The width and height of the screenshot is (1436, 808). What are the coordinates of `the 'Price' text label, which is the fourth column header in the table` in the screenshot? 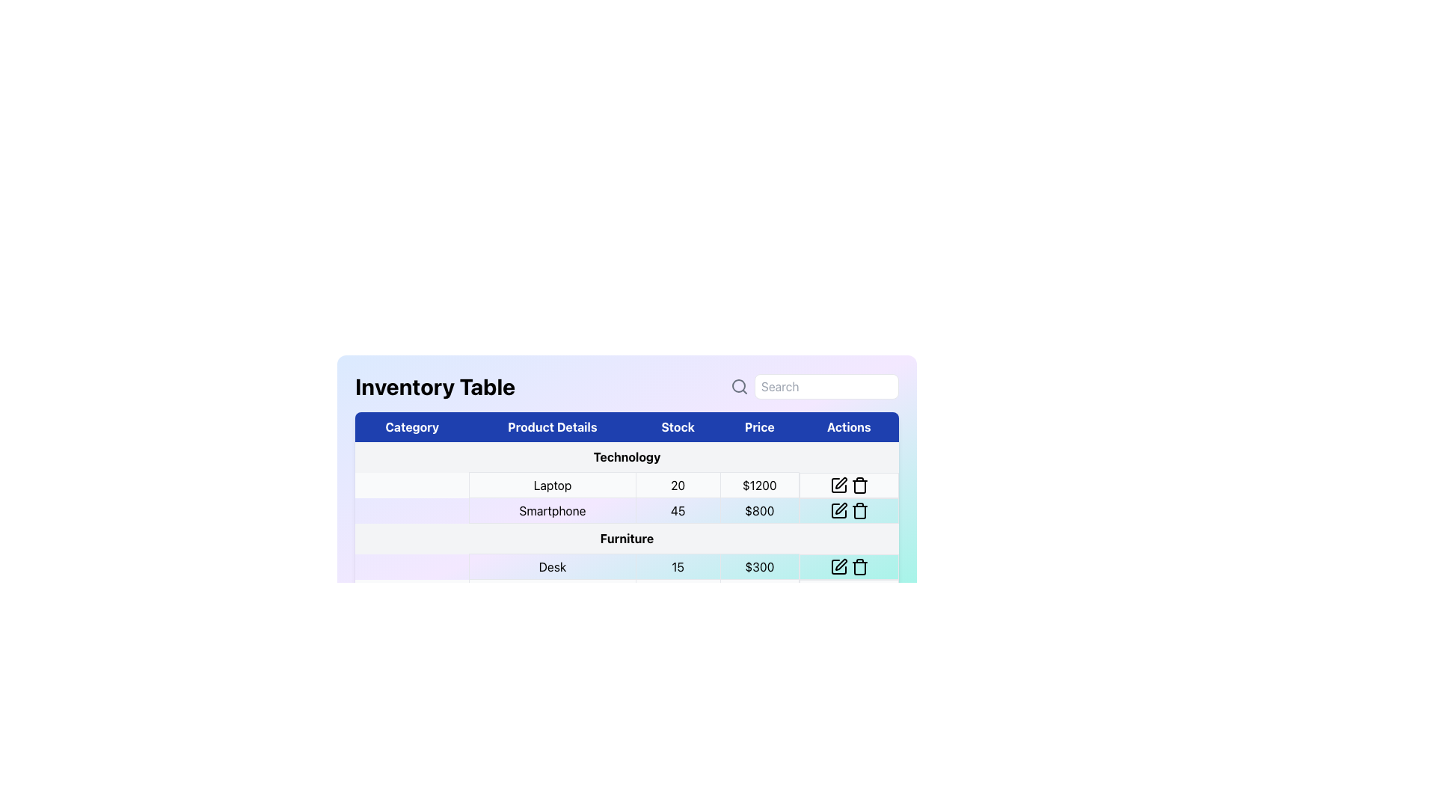 It's located at (759, 426).